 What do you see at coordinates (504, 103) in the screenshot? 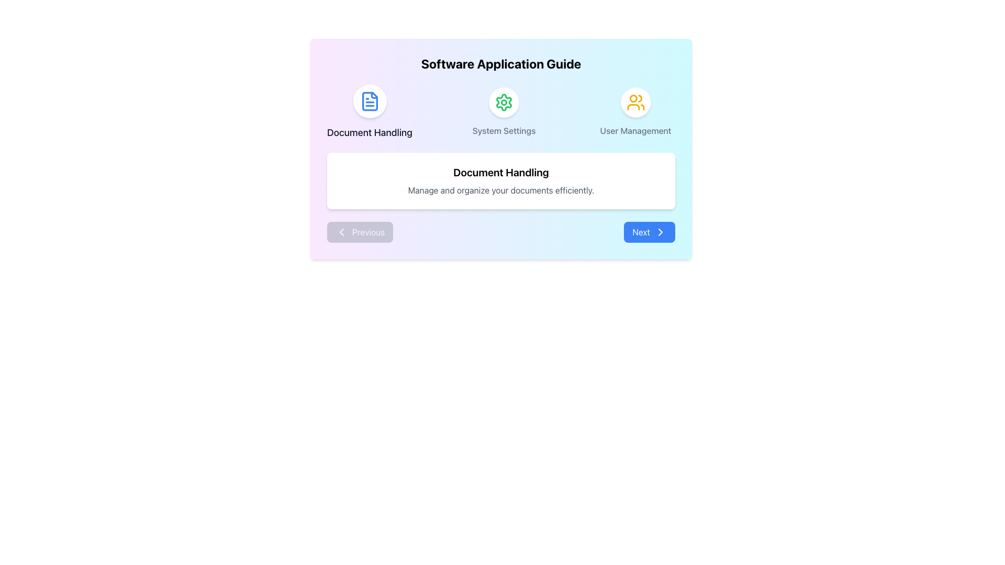
I see `the 'System Settings' icon button for keyboard navigation by targeting its center position` at bounding box center [504, 103].